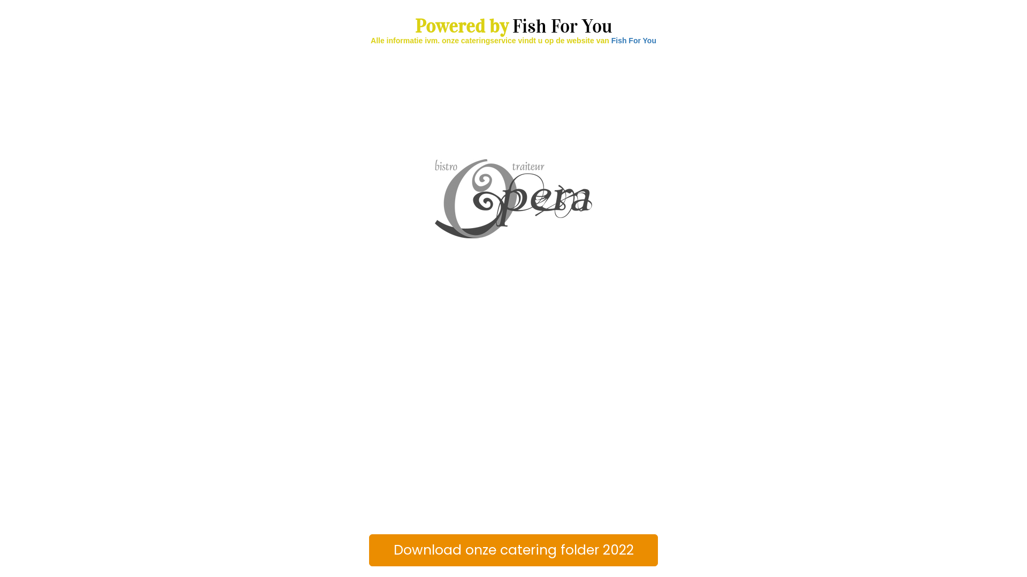  I want to click on 'Fish For You', so click(634, 40).